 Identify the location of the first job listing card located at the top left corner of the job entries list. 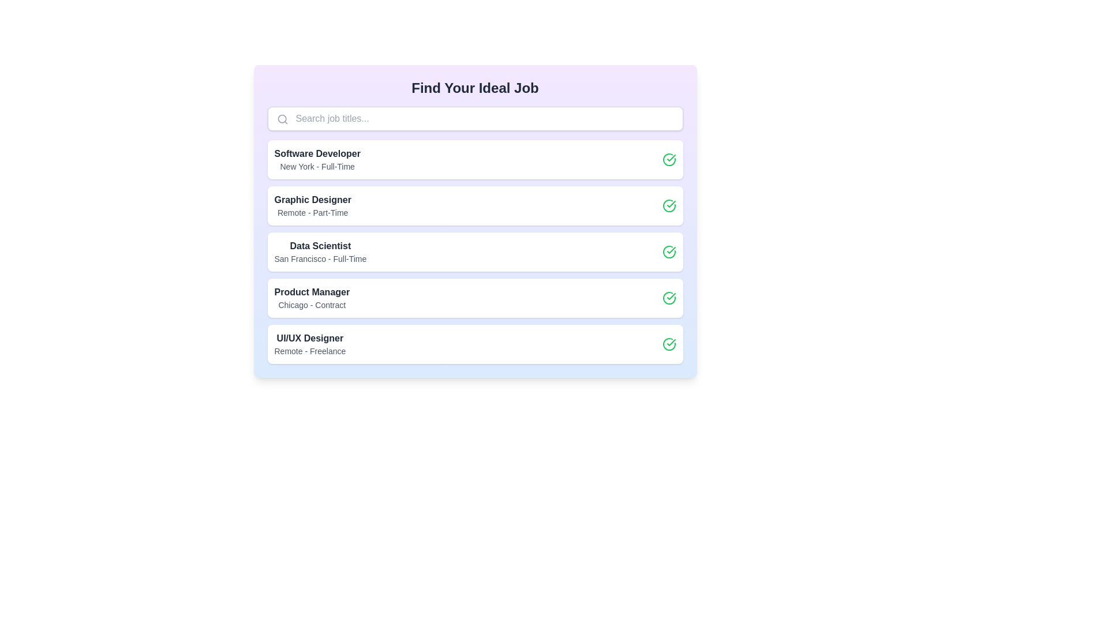
(317, 160).